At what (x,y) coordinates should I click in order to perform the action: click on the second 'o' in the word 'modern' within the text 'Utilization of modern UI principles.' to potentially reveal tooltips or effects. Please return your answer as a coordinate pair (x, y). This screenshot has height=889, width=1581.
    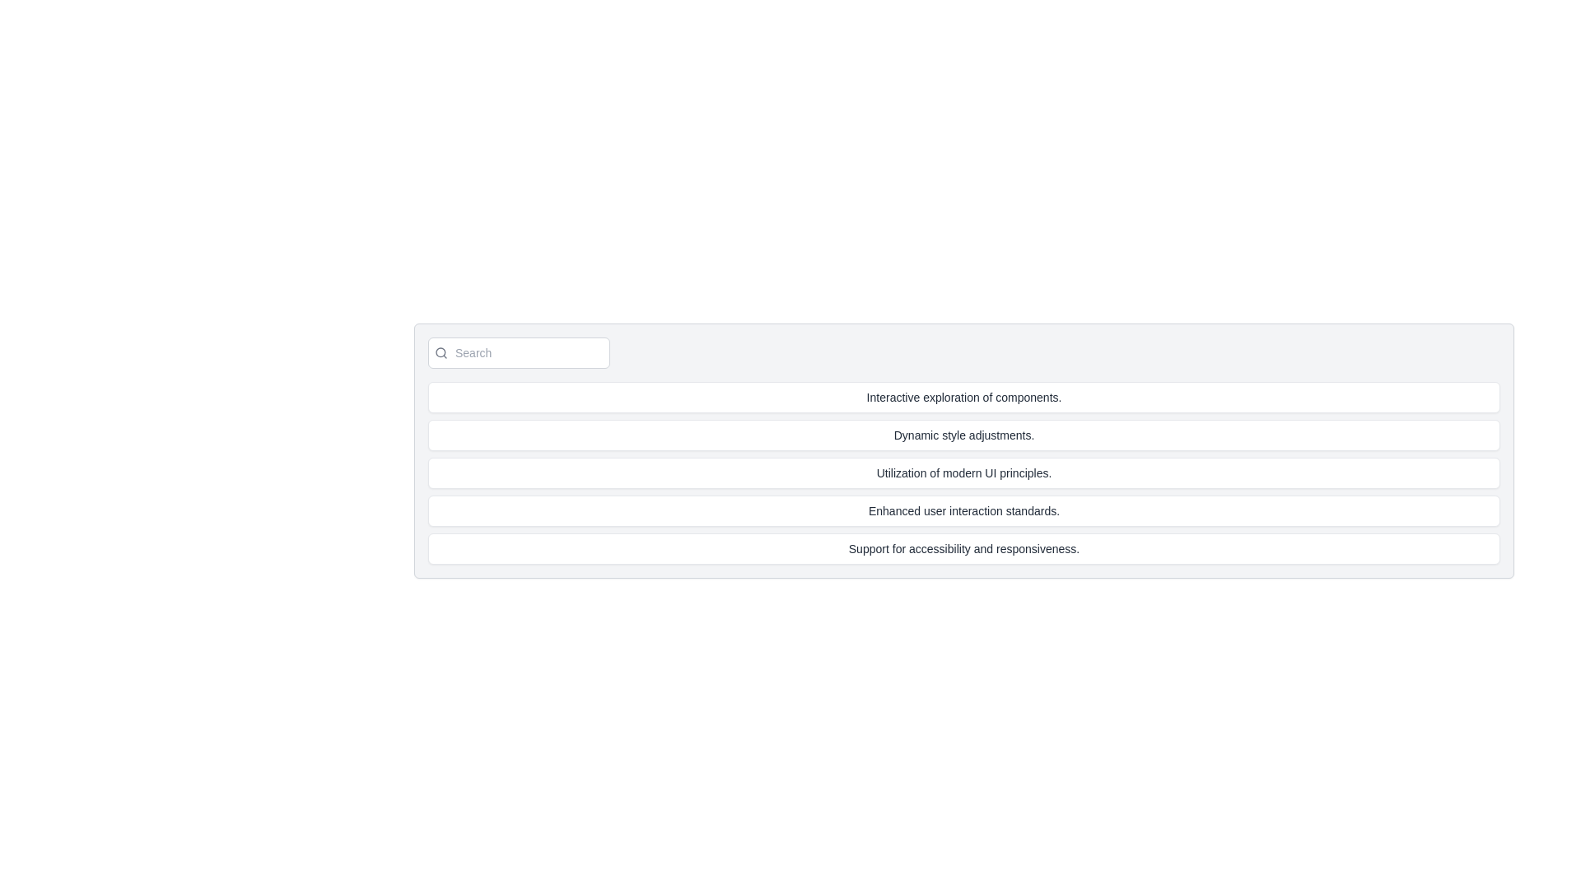
    Looking at the image, I should click on (933, 472).